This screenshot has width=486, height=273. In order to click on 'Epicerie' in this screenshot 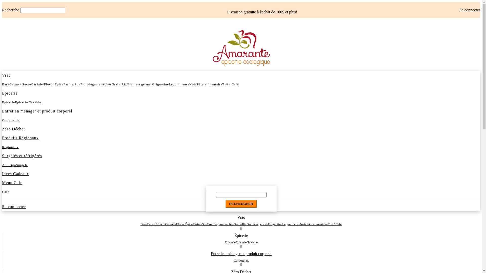, I will do `click(230, 242)`.